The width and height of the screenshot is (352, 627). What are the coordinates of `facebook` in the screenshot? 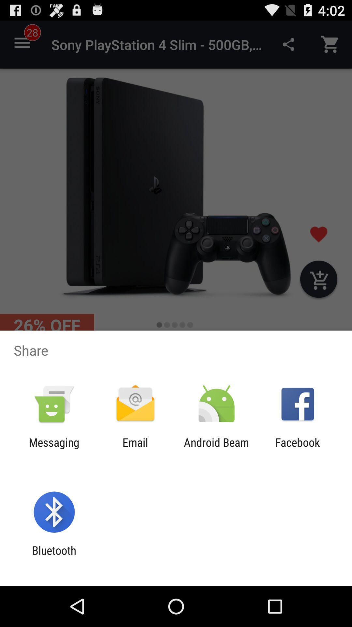 It's located at (298, 449).